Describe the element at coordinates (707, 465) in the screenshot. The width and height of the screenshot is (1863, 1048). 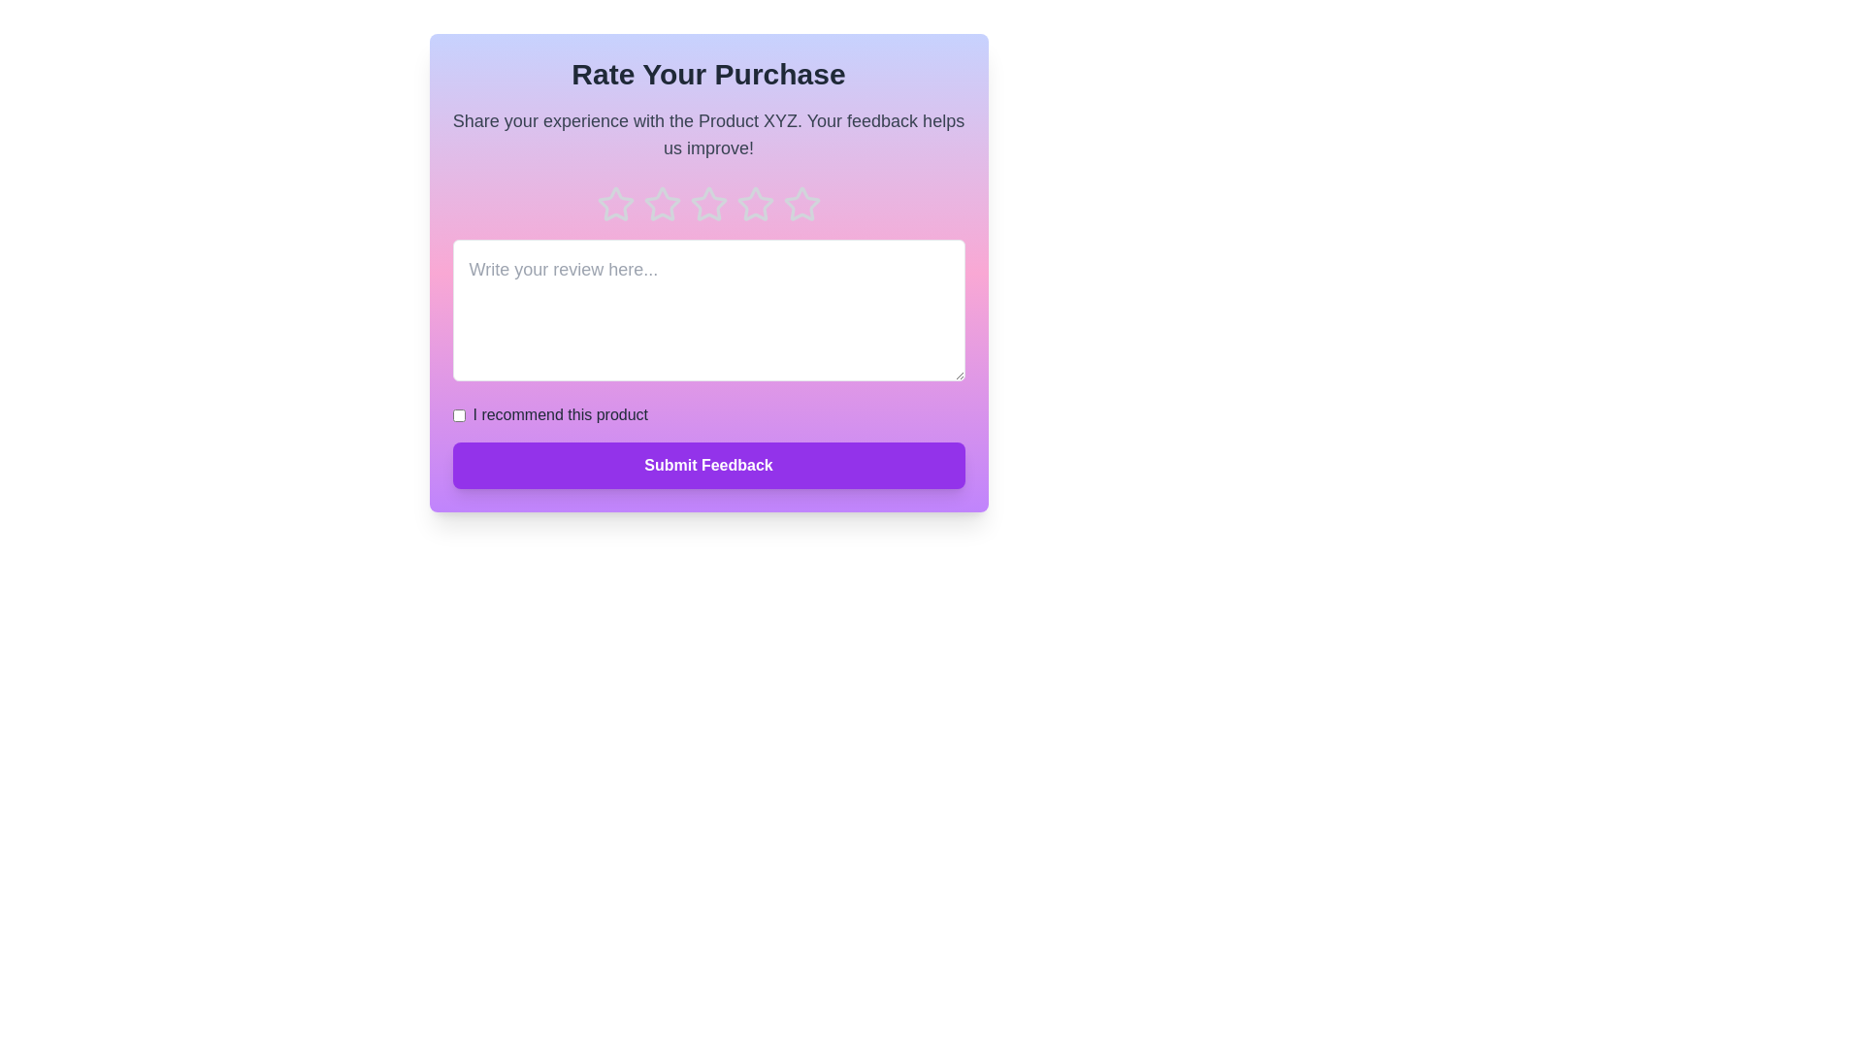
I see `the 'Submit Feedback' button` at that location.